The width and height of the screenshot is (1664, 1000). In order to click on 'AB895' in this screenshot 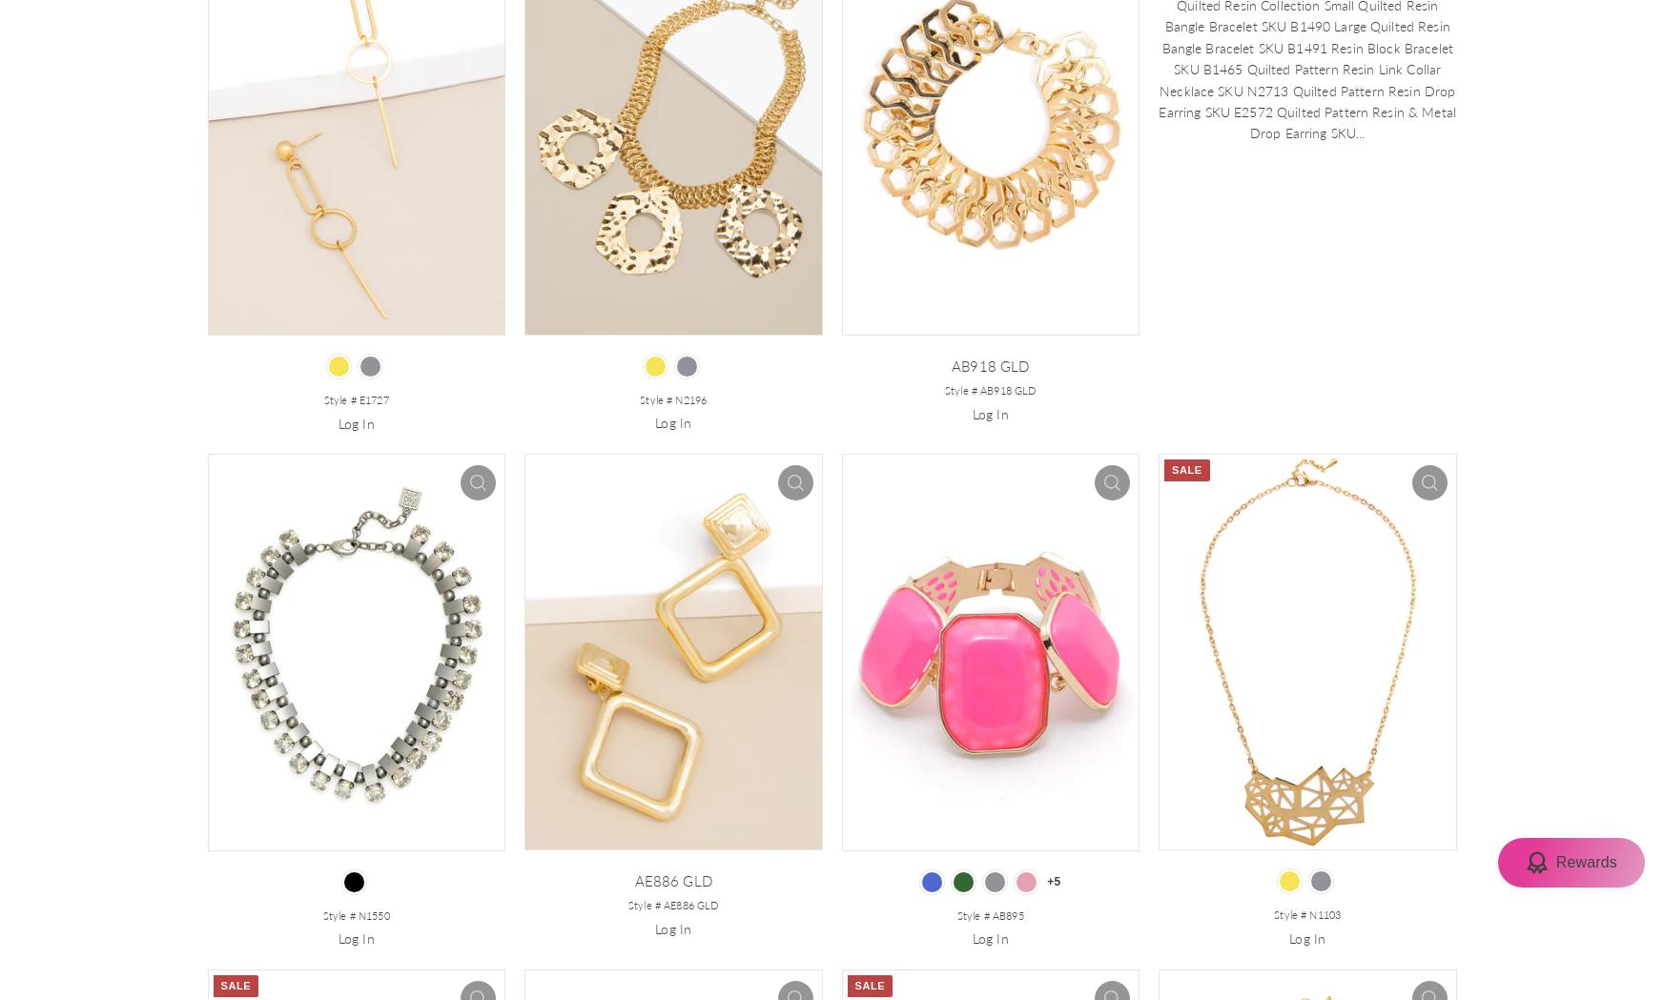, I will do `click(1006, 914)`.